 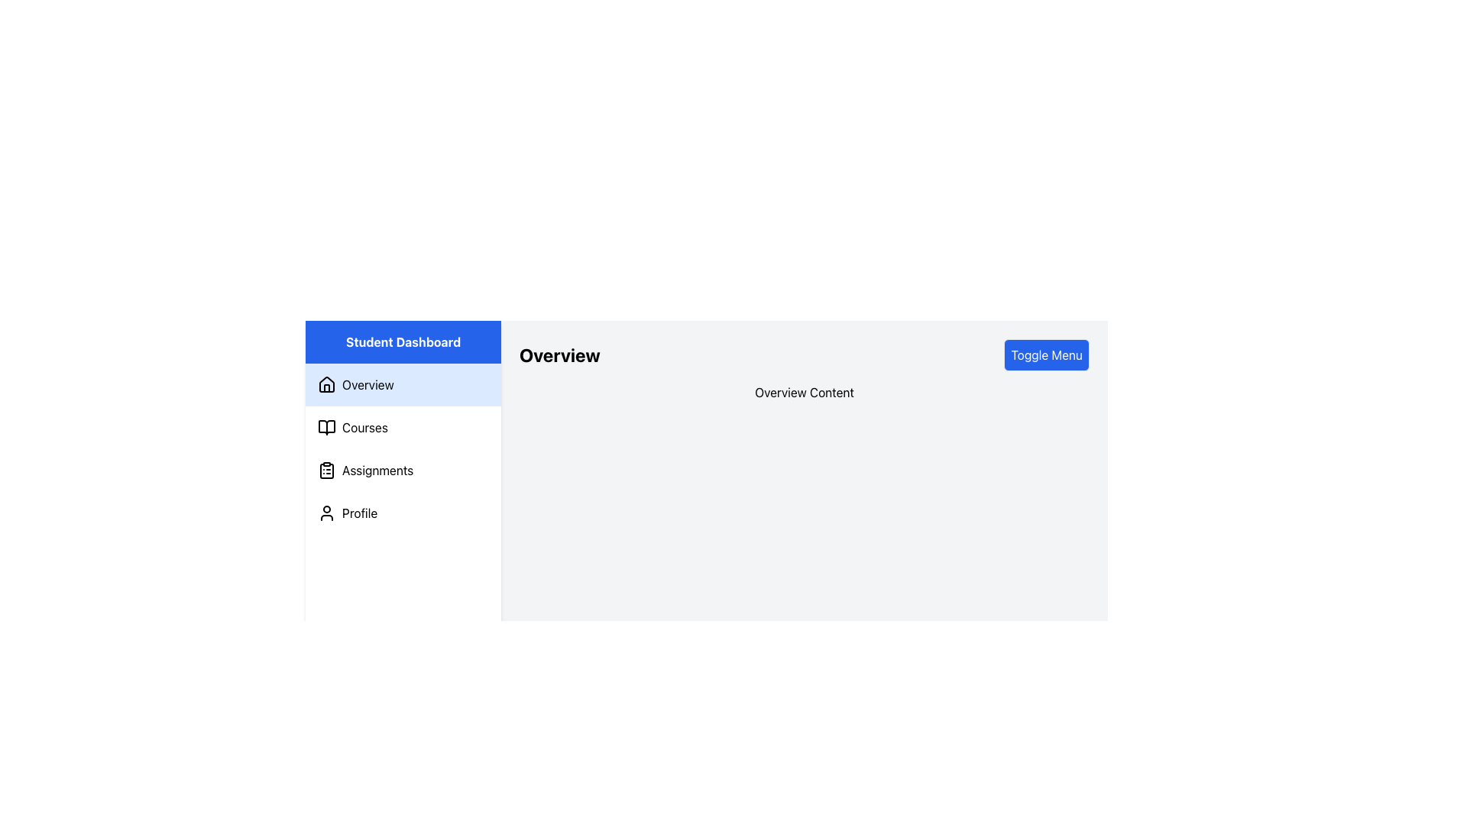 What do you see at coordinates (403, 427) in the screenshot?
I see `the 'Courses' menu item located in the vertical menu, second from the top, below 'Overview' and above 'Assignments'` at bounding box center [403, 427].